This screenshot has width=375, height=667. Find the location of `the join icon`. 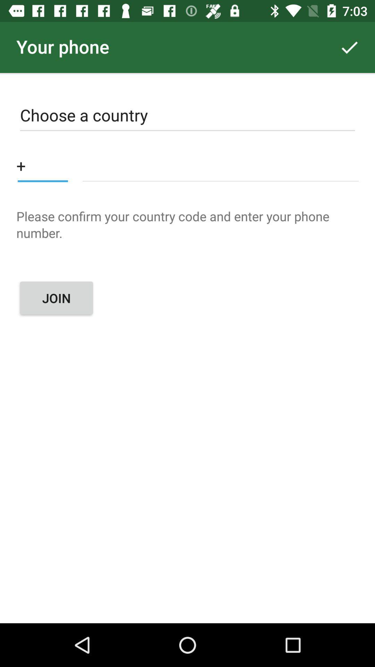

the join icon is located at coordinates (56, 298).